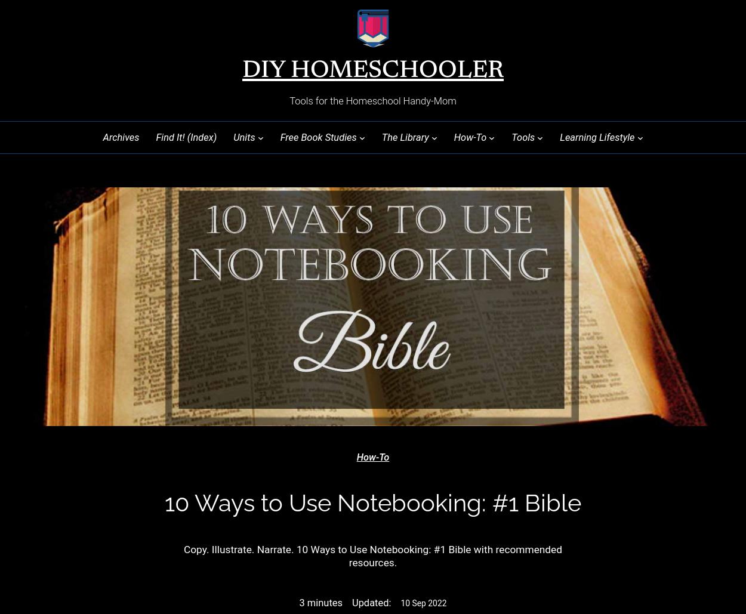 Image resolution: width=746 pixels, height=614 pixels. What do you see at coordinates (186, 136) in the screenshot?
I see `'Find It! (Index)'` at bounding box center [186, 136].